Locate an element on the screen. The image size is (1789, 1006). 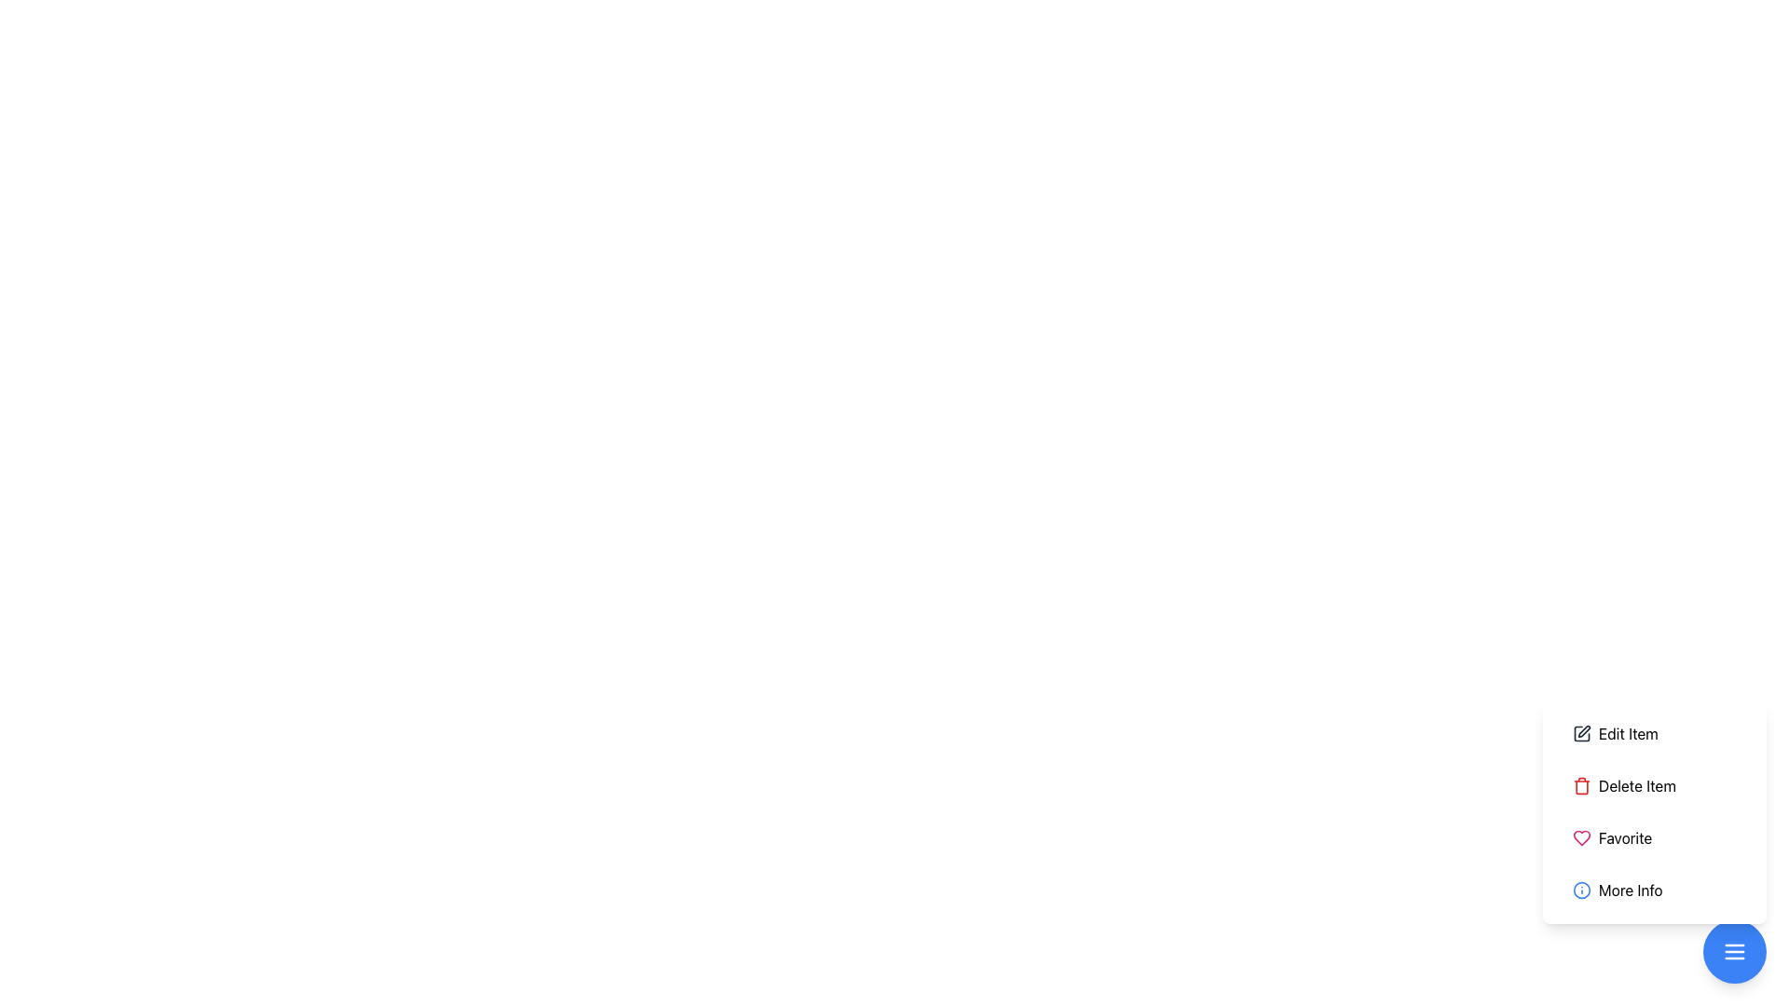
the third Text Label in the dropdown menu that signifies favoriting an item is located at coordinates (1624, 836).